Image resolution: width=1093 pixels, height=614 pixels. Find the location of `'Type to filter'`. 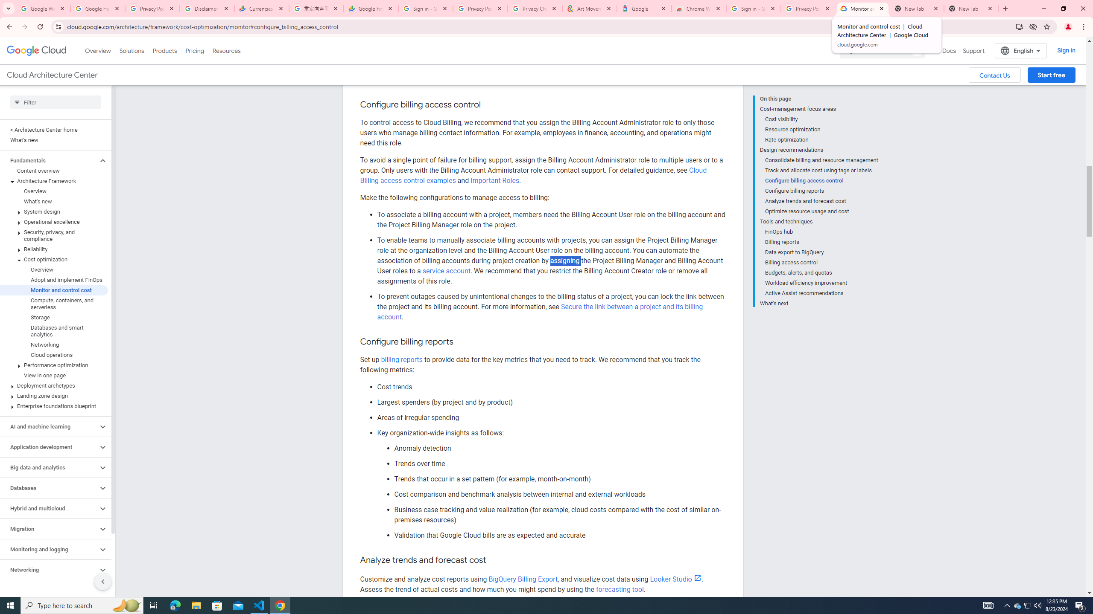

'Type to filter' is located at coordinates (56, 102).